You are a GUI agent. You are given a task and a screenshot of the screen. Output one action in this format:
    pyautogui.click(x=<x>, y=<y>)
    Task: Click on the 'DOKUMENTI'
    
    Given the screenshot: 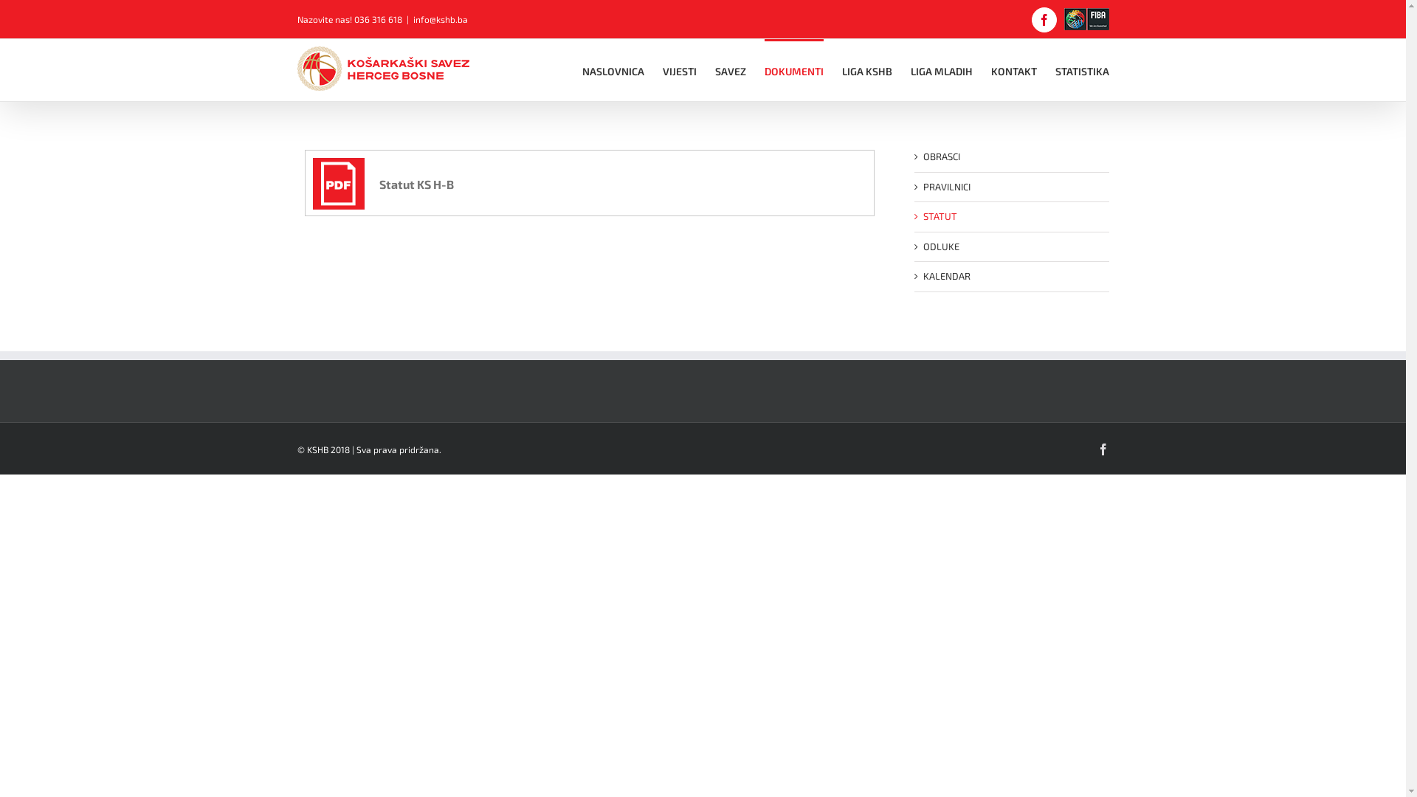 What is the action you would take?
    pyautogui.click(x=793, y=70)
    